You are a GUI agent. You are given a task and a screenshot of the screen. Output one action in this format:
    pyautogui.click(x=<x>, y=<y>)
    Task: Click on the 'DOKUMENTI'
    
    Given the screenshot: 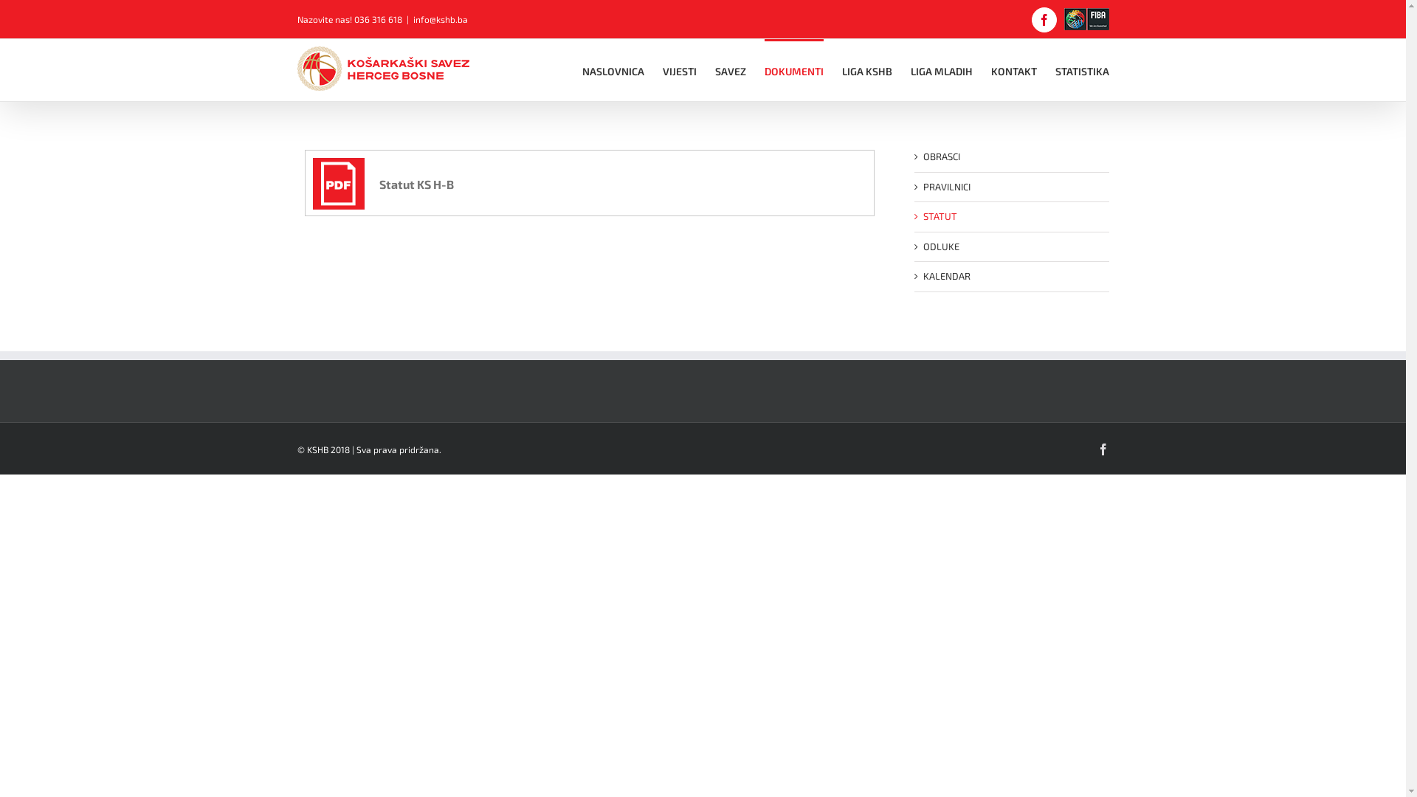 What is the action you would take?
    pyautogui.click(x=793, y=70)
    